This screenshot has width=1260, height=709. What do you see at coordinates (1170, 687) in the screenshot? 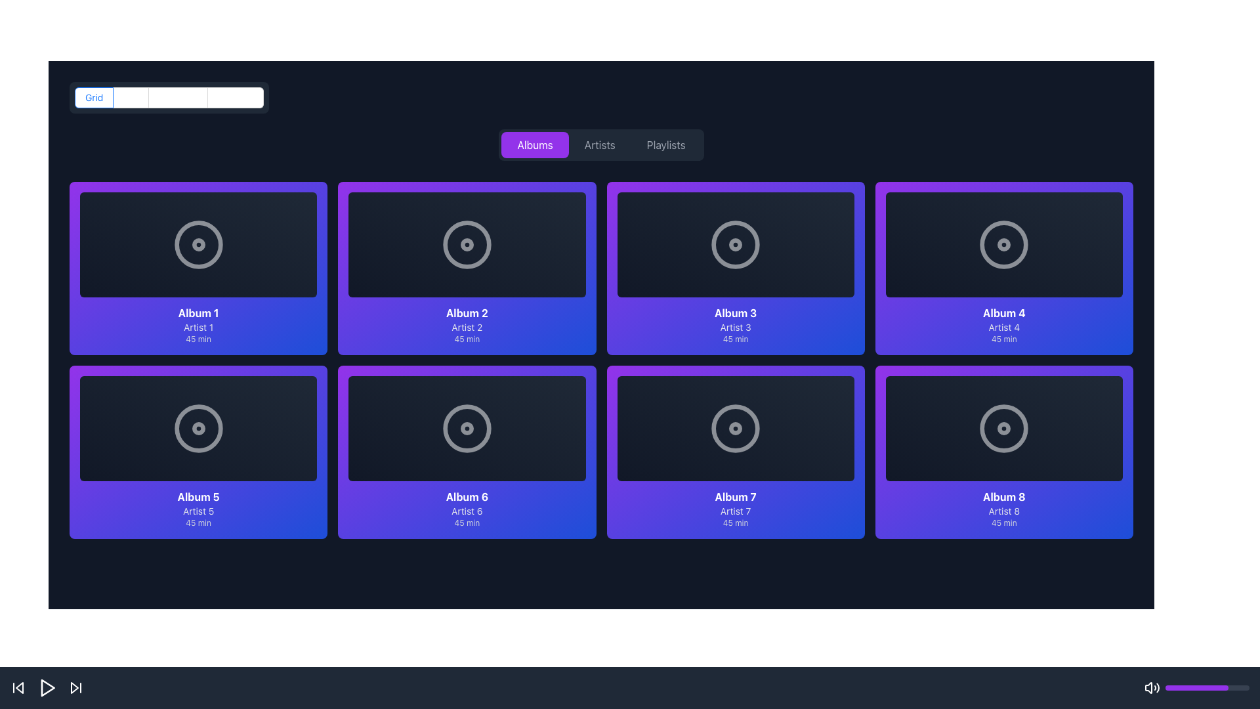
I see `the slider value` at bounding box center [1170, 687].